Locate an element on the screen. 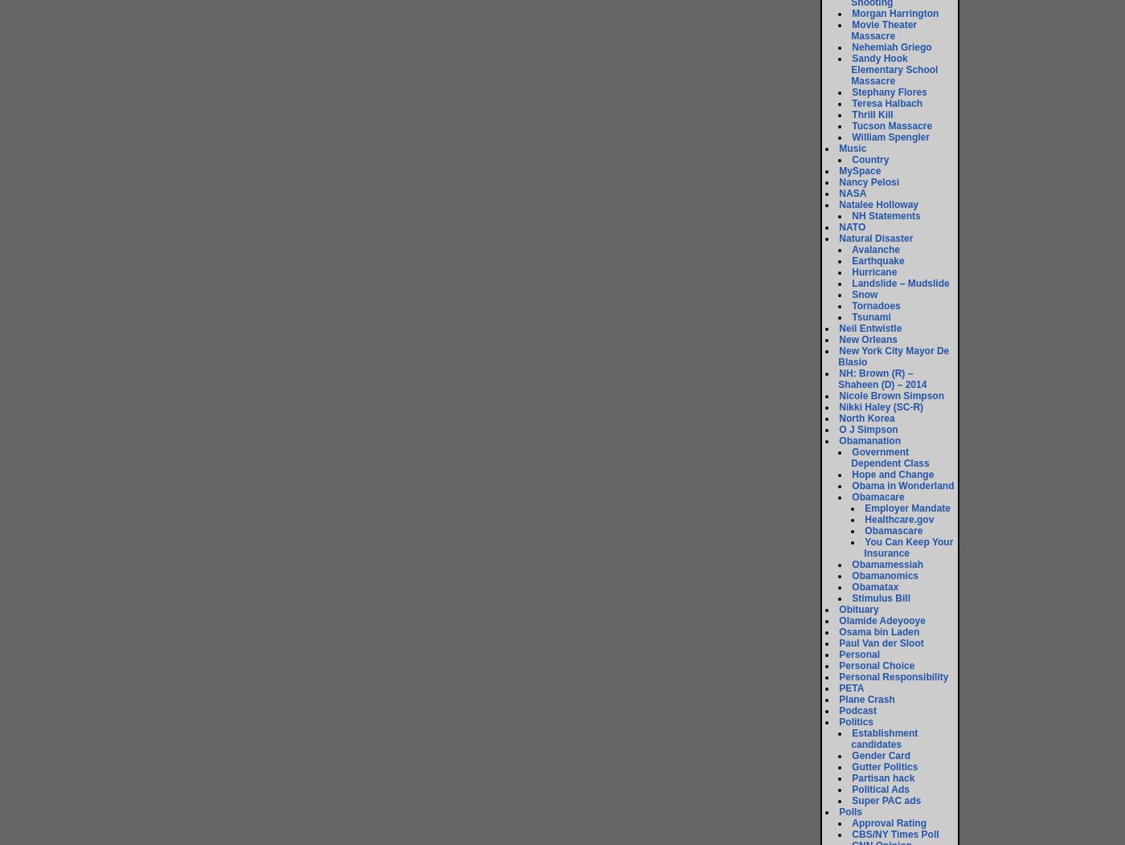 The height and width of the screenshot is (845, 1125). 'Obamatax' is located at coordinates (851, 587).